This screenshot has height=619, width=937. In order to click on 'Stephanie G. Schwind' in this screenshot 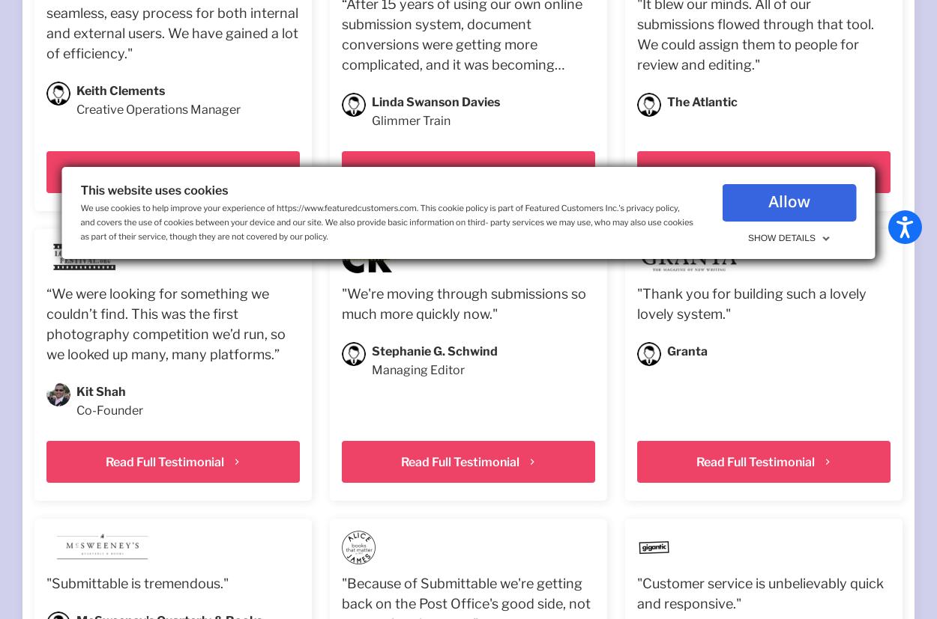, I will do `click(370, 351)`.